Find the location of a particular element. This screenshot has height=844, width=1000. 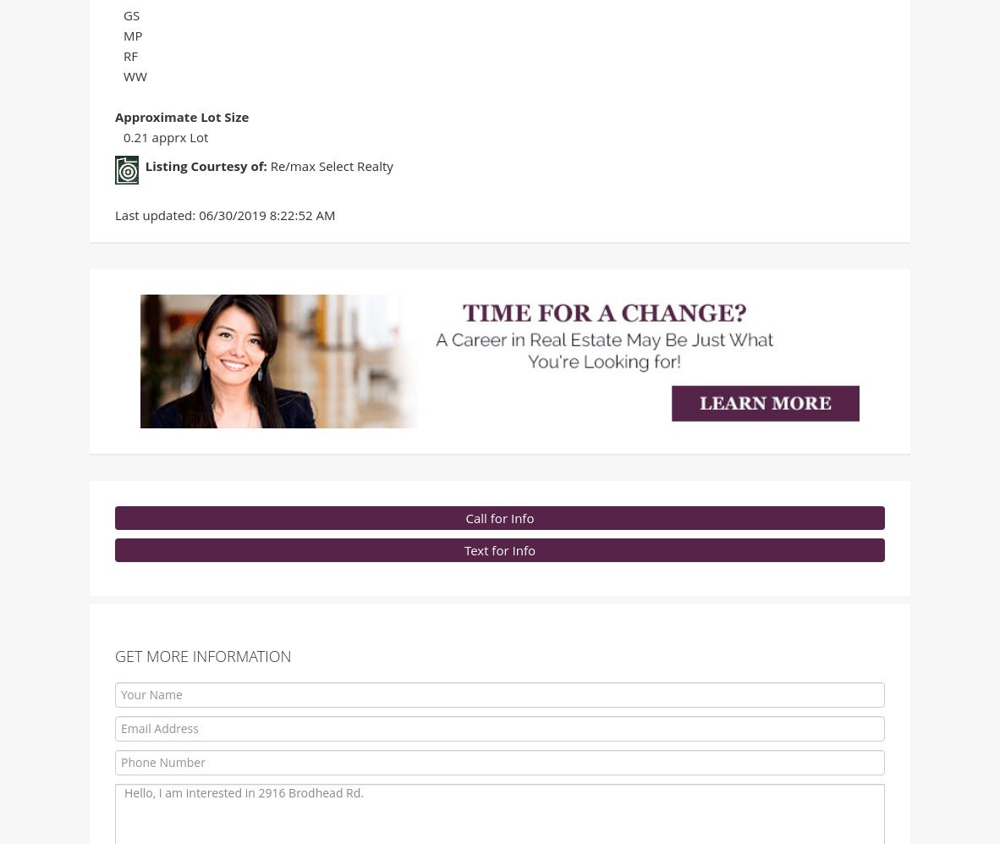

'MP' is located at coordinates (132, 37).